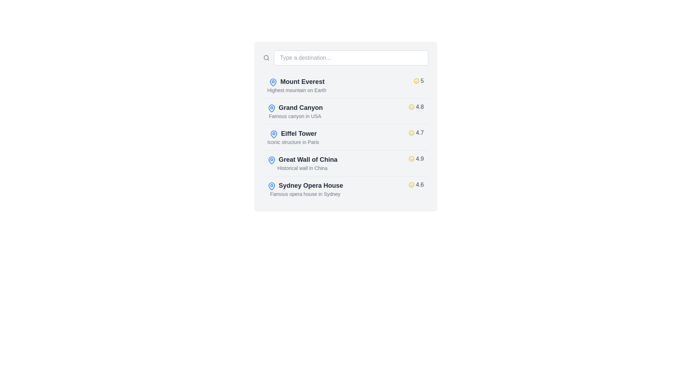 The height and width of the screenshot is (384, 683). What do you see at coordinates (416, 80) in the screenshot?
I see `the smiley face icon that displays a rating or status symbol for the item 'Mount Everest', located before the numerical text '5'` at bounding box center [416, 80].